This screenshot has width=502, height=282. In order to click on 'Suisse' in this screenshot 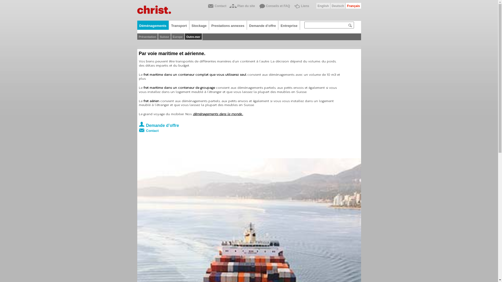, I will do `click(164, 37)`.